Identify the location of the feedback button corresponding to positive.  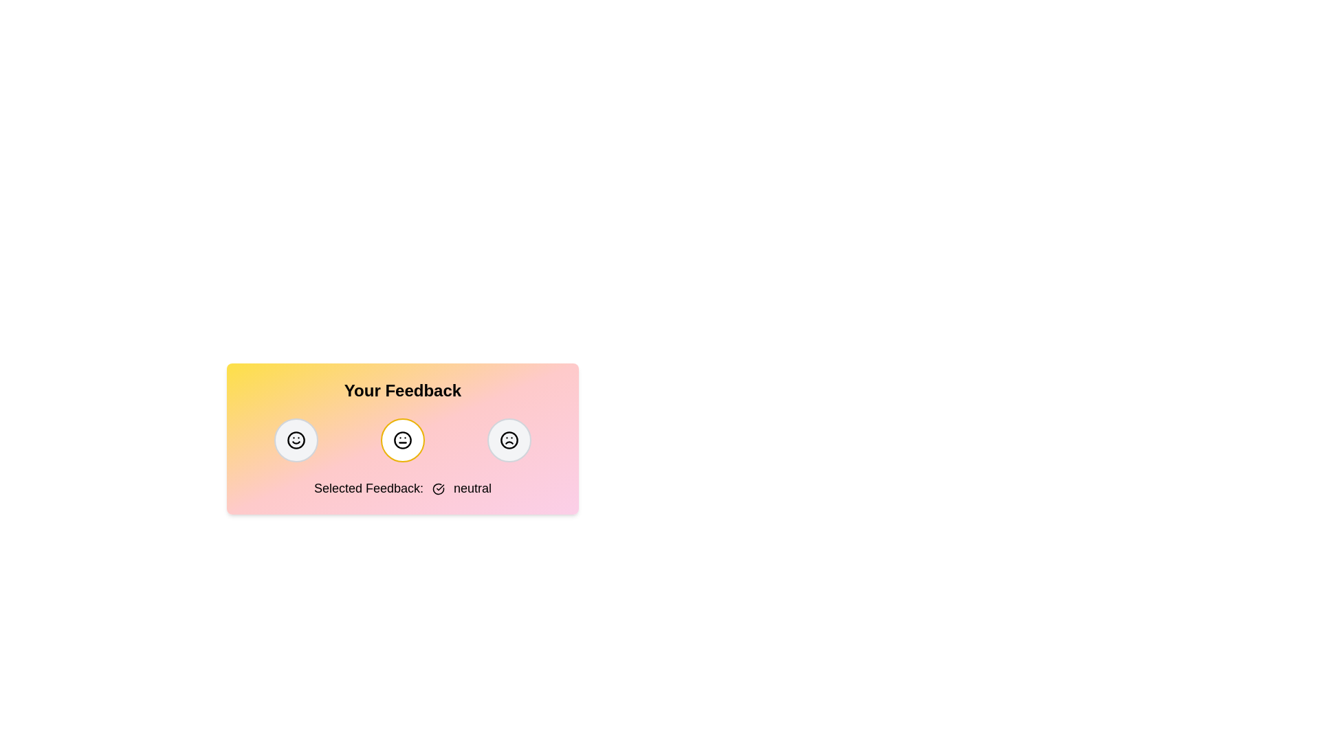
(296, 440).